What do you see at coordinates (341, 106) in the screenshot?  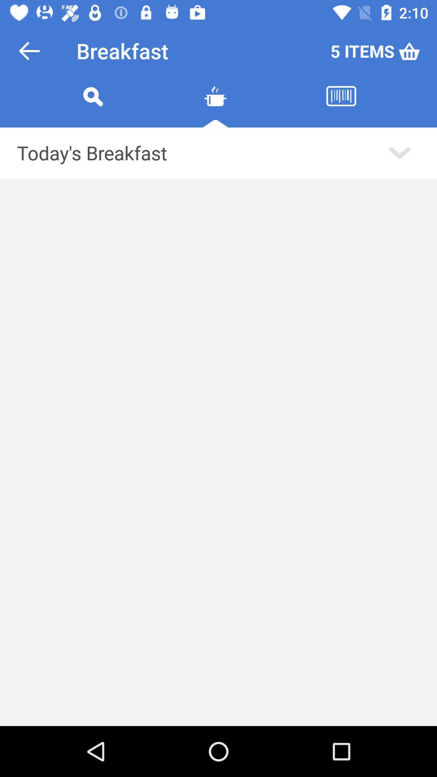 I see `barcode reader` at bounding box center [341, 106].